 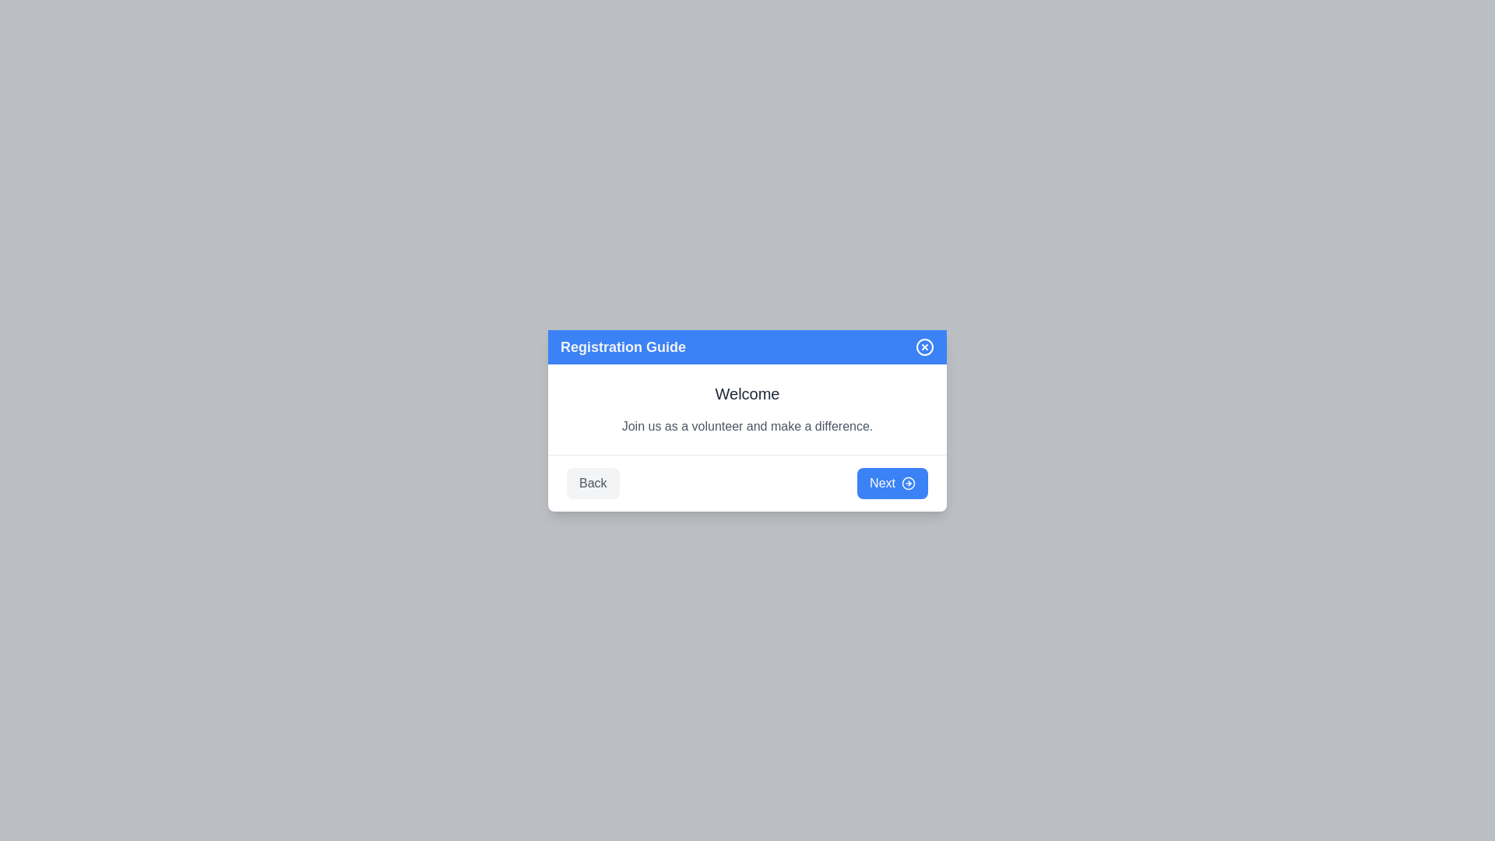 What do you see at coordinates (925, 345) in the screenshot?
I see `the close button located in the top-right corner of the 'Registration Guide' modal` at bounding box center [925, 345].